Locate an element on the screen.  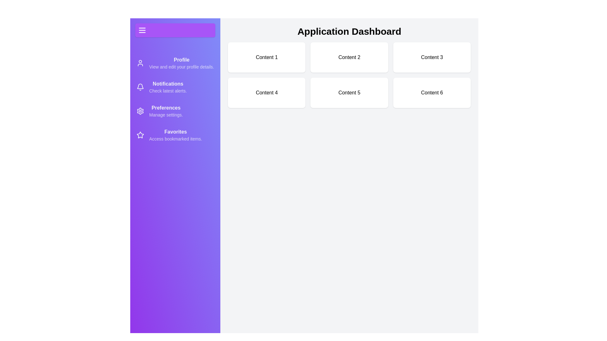
the menu item Notifications to view its hover effect is located at coordinates (175, 87).